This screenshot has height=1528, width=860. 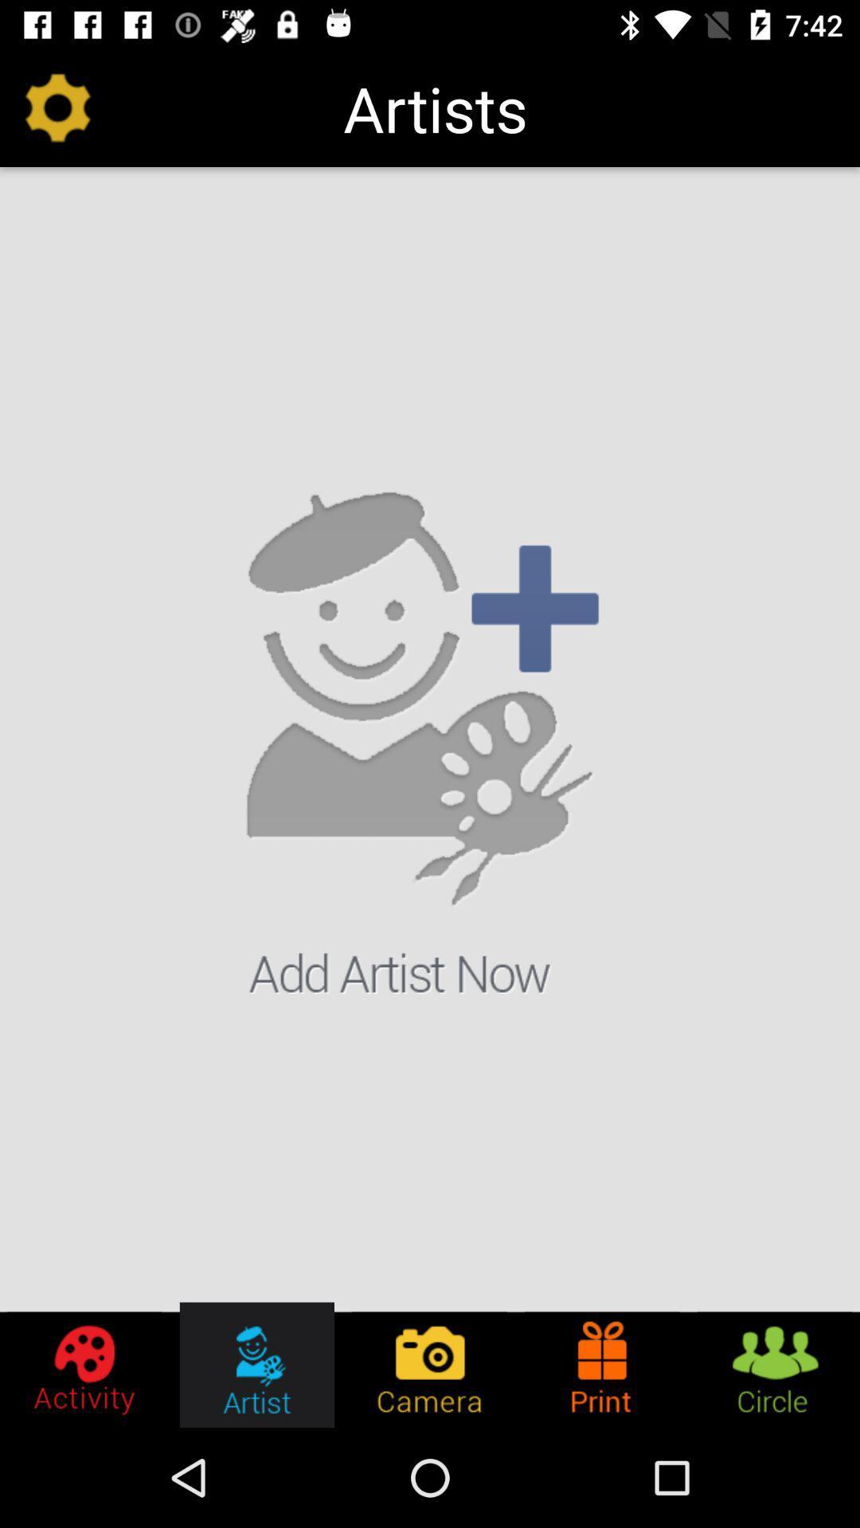 What do you see at coordinates (57, 107) in the screenshot?
I see `icon next to the artists icon` at bounding box center [57, 107].